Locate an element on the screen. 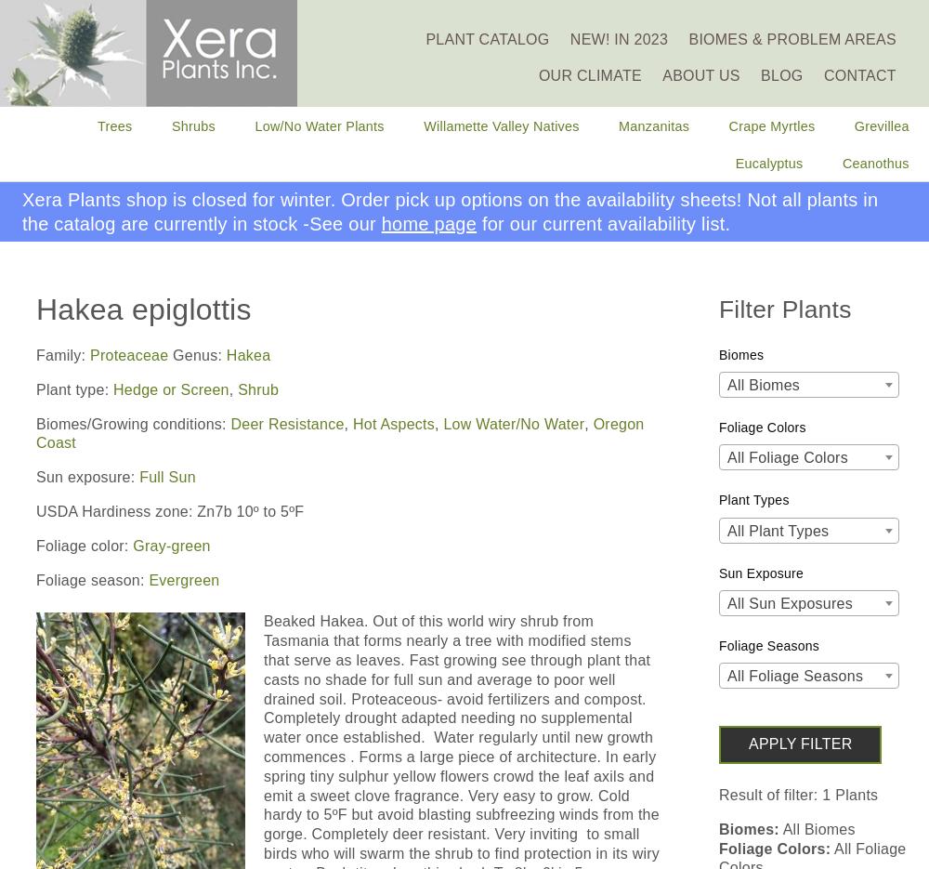 The width and height of the screenshot is (929, 869). 'Full Sun' is located at coordinates (167, 476).